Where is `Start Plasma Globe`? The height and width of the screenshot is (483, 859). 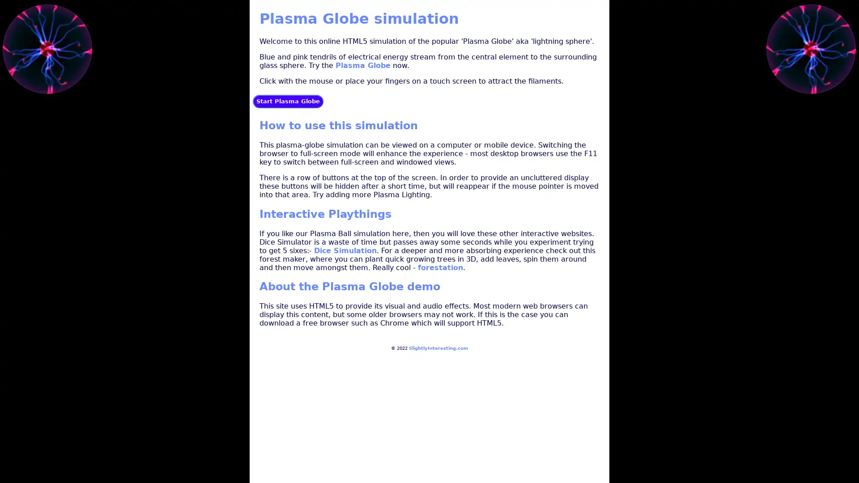 Start Plasma Globe is located at coordinates (288, 101).